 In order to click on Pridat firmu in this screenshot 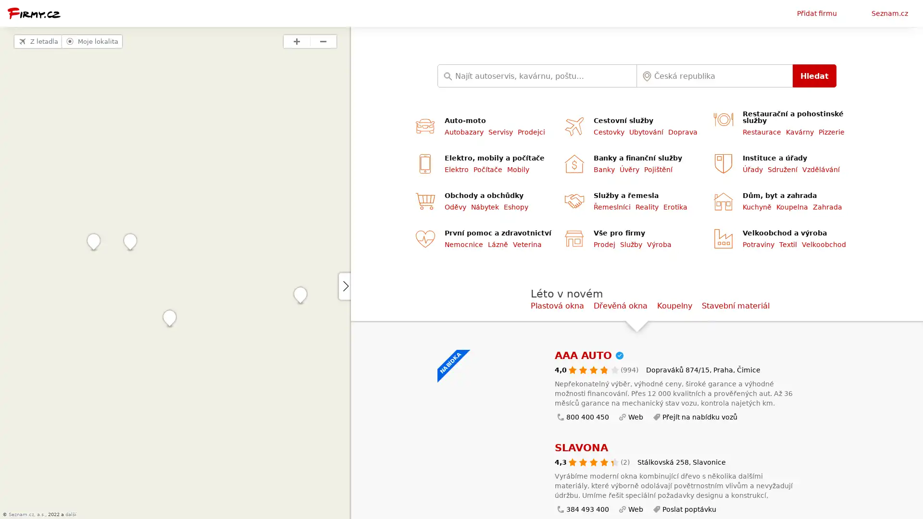, I will do `click(782, 36)`.